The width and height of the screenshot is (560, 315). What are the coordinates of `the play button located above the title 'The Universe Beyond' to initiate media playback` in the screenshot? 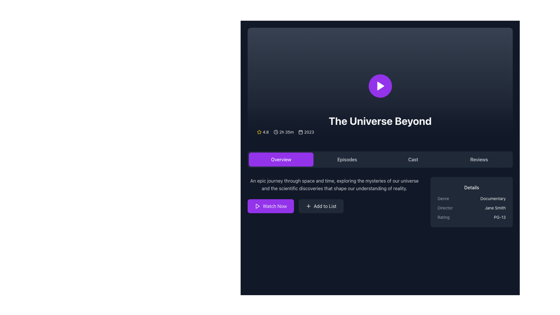 It's located at (380, 86).